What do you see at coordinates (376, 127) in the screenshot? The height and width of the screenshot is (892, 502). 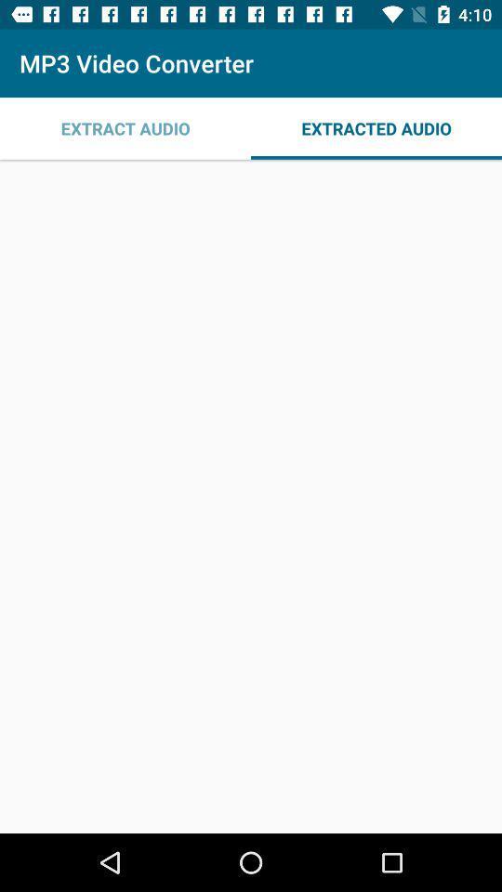 I see `icon at the top right corner` at bounding box center [376, 127].